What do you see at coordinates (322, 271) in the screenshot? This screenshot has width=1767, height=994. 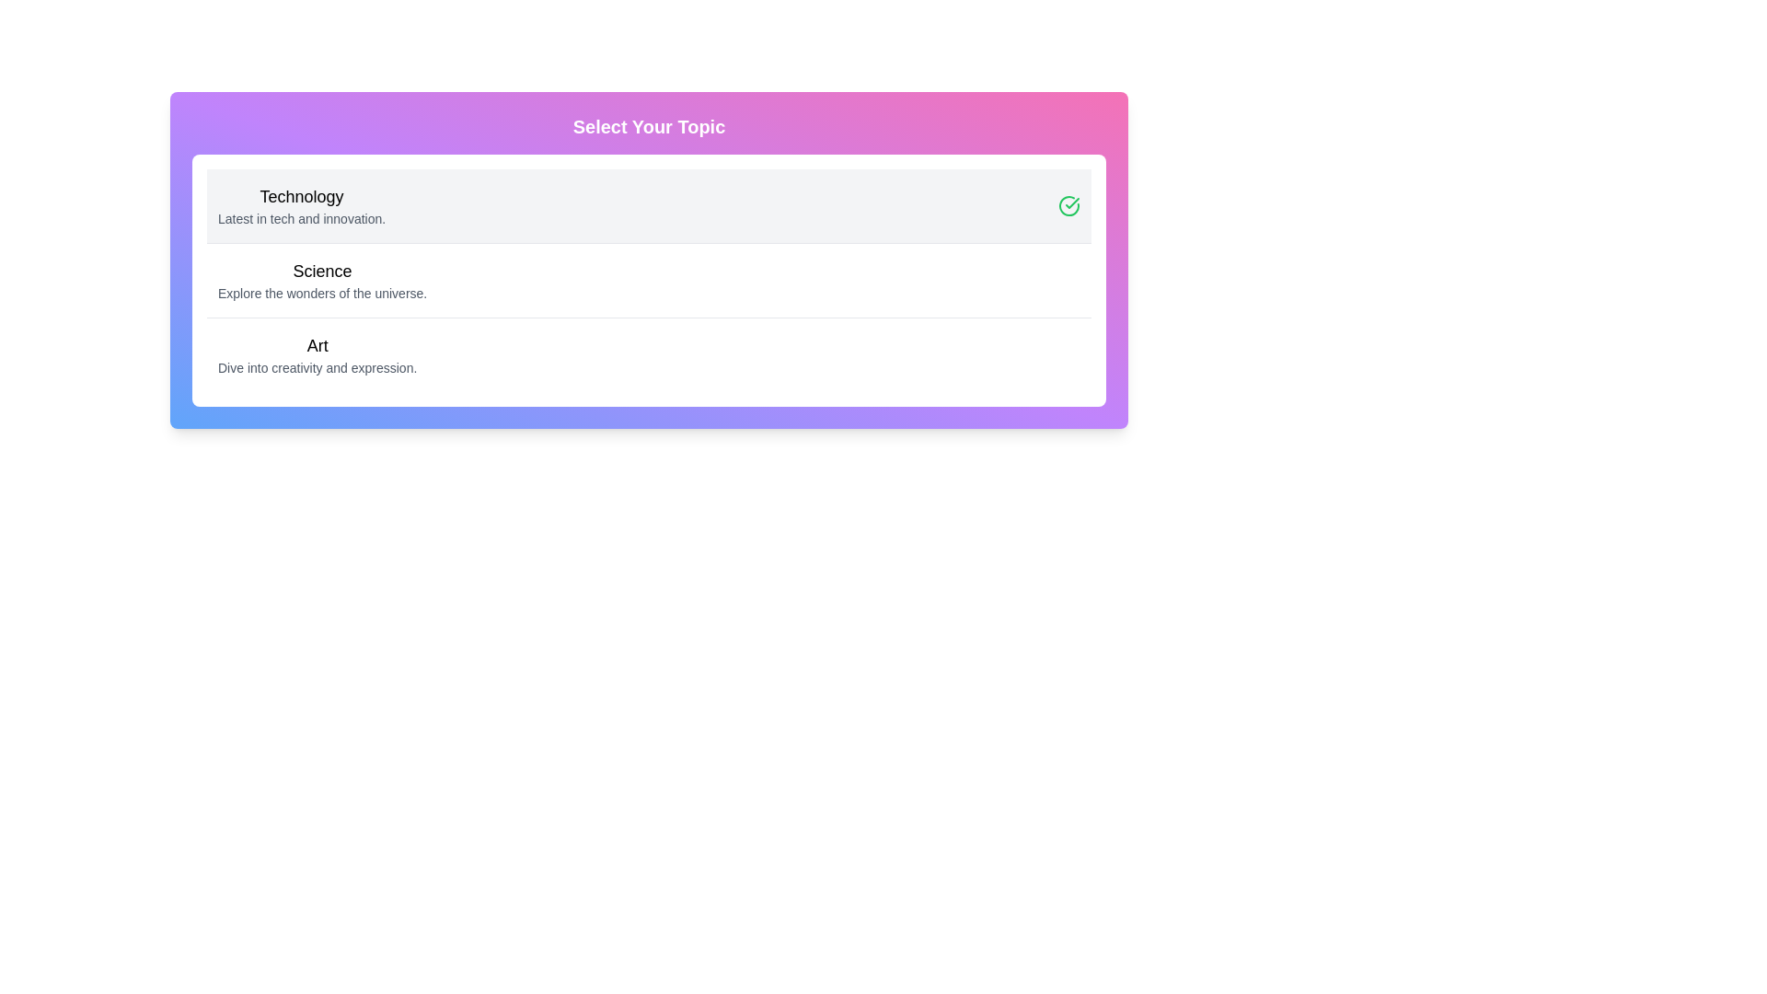 I see `the 'Science' header element, which is styled in a larger bold font and positioned as the second section header in a list` at bounding box center [322, 271].